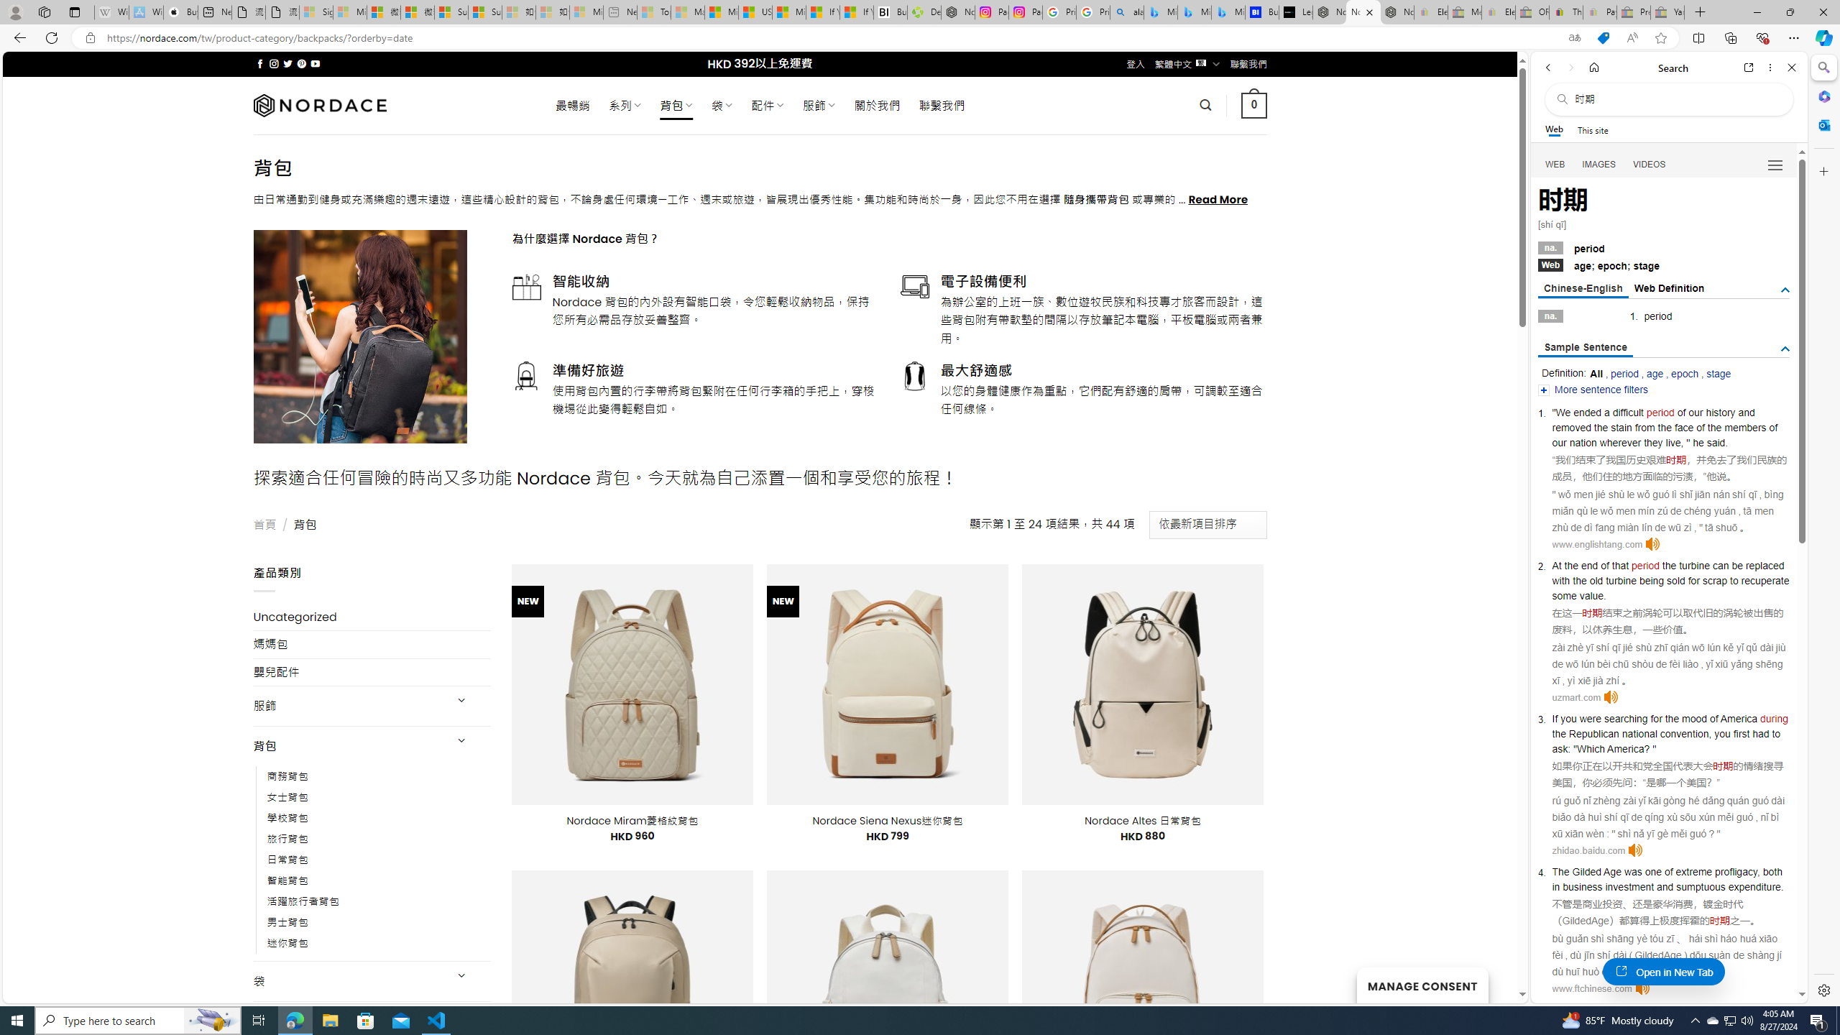  Describe the element at coordinates (1713, 581) in the screenshot. I see `'scrap'` at that location.